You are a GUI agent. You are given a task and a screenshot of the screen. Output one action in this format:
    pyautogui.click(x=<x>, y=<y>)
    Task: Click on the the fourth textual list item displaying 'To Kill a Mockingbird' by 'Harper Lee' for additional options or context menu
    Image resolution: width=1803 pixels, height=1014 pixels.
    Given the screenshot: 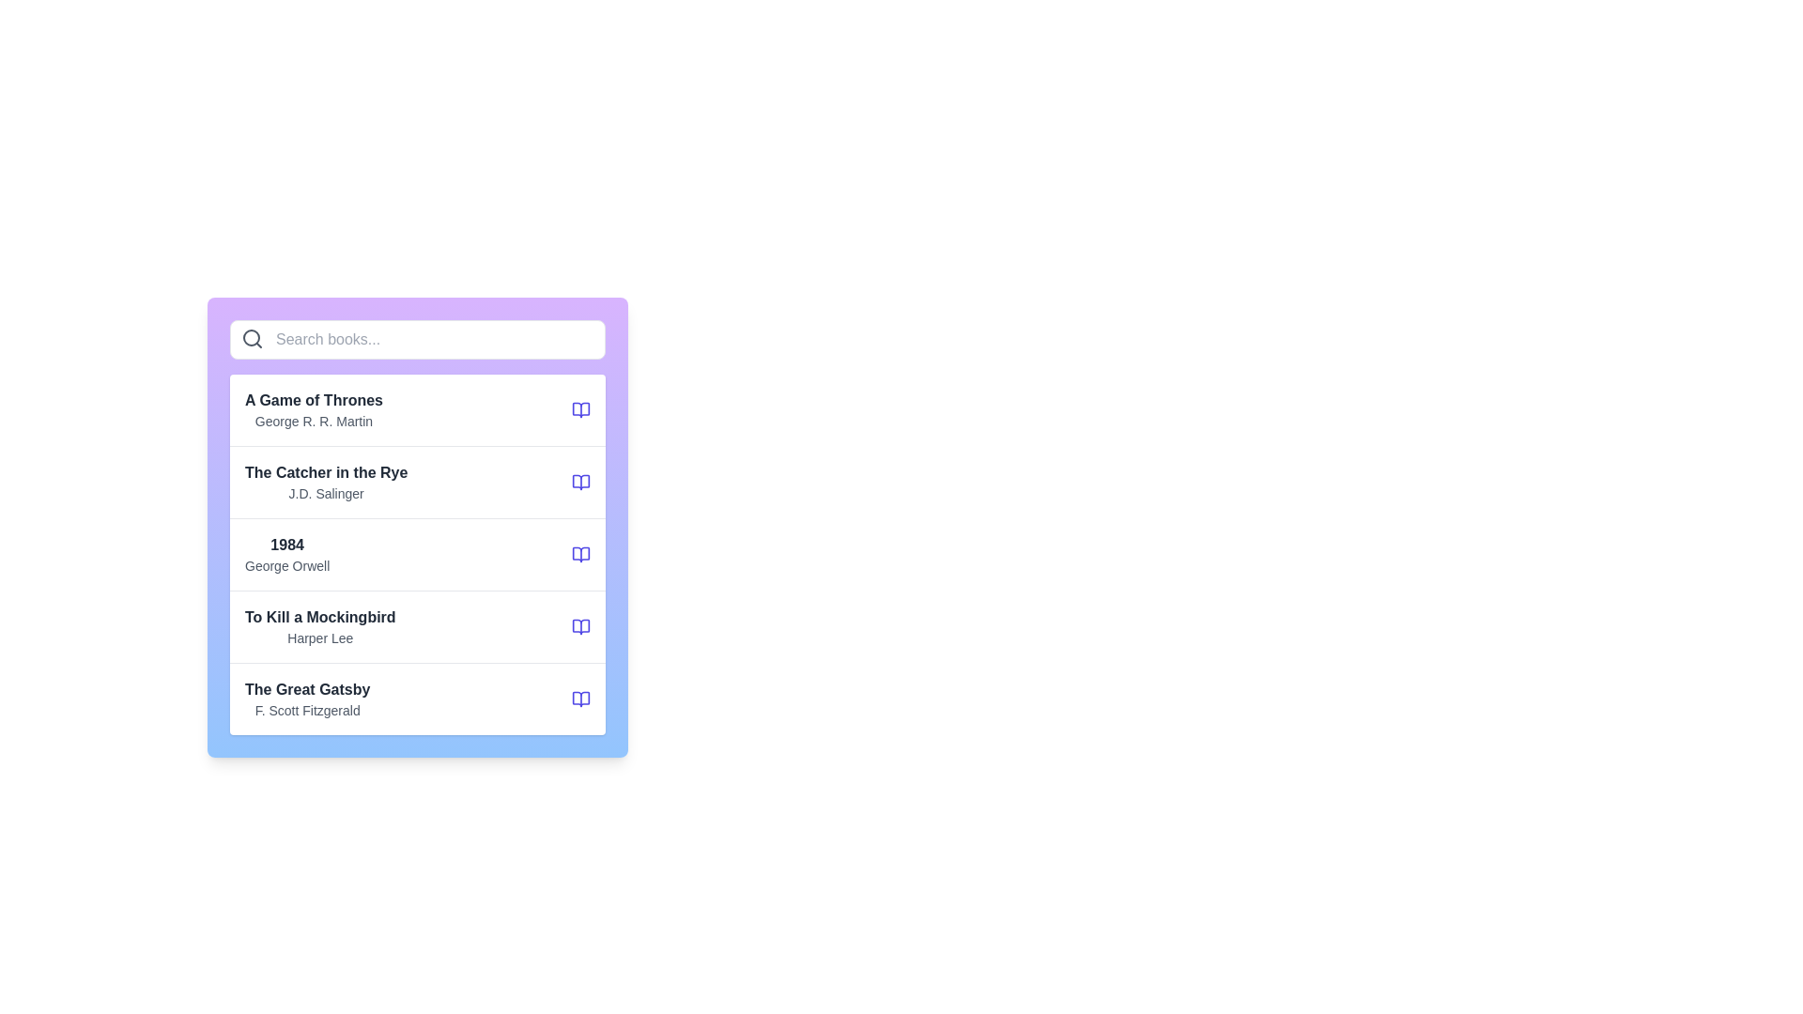 What is the action you would take?
    pyautogui.click(x=320, y=626)
    